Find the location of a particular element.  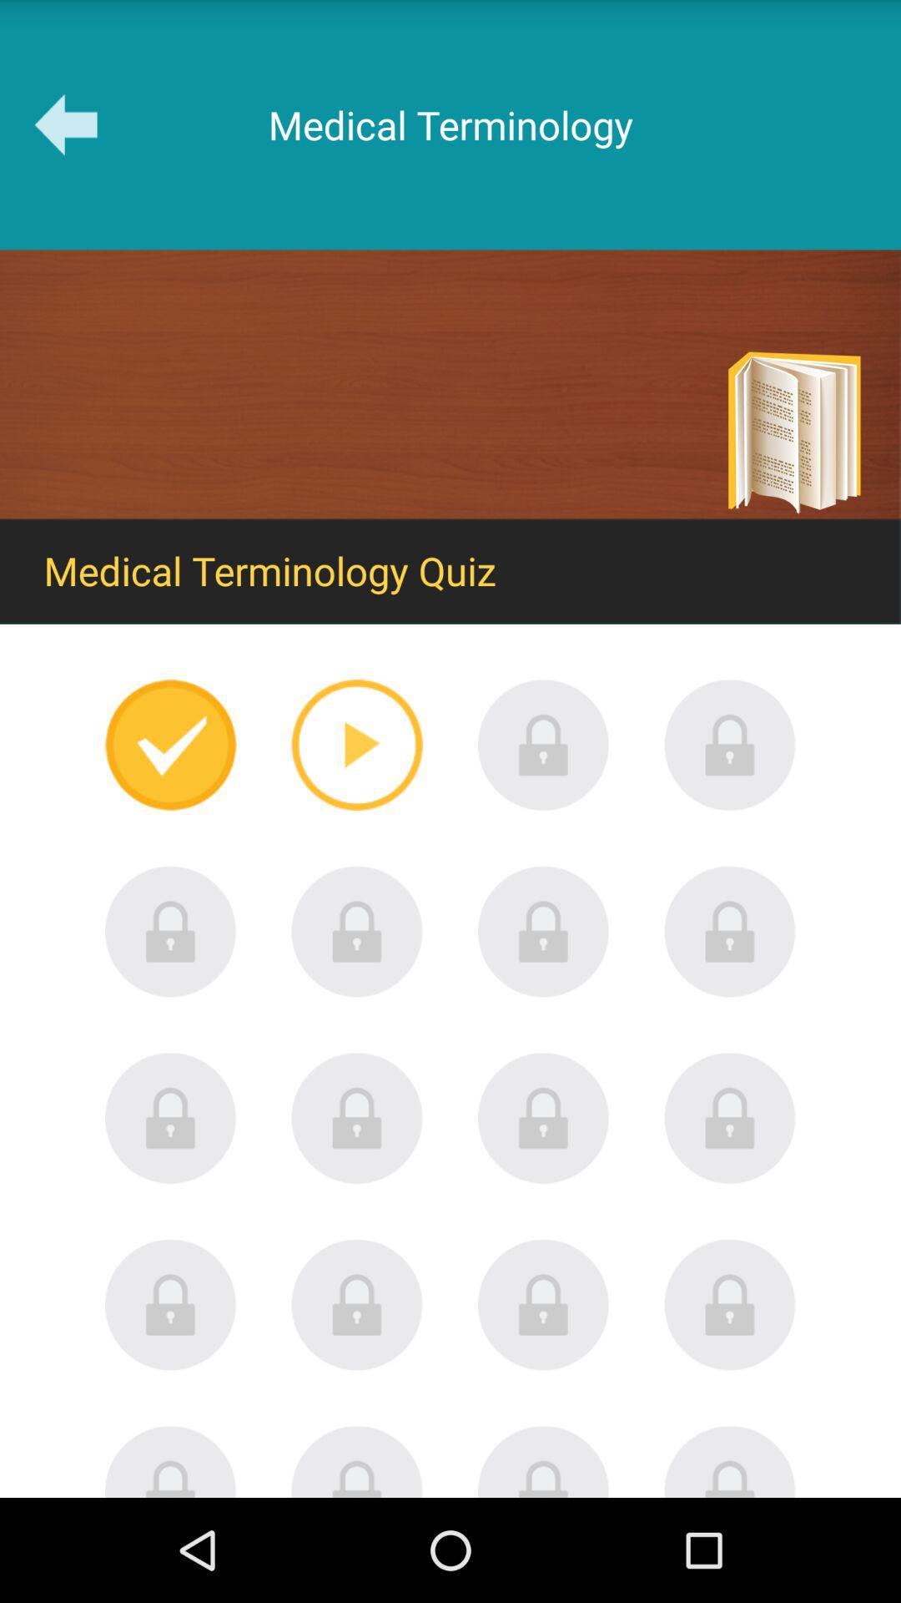

this option is locked is located at coordinates (543, 931).